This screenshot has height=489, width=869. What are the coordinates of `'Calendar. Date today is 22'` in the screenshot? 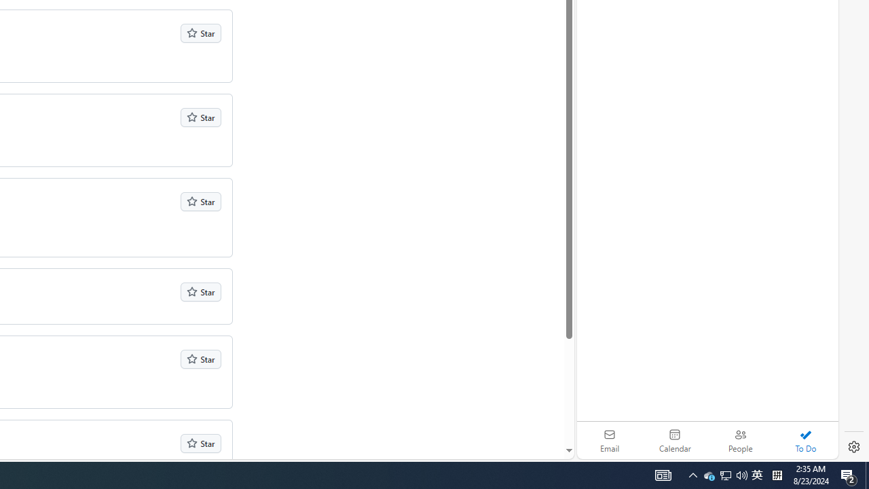 It's located at (675, 440).